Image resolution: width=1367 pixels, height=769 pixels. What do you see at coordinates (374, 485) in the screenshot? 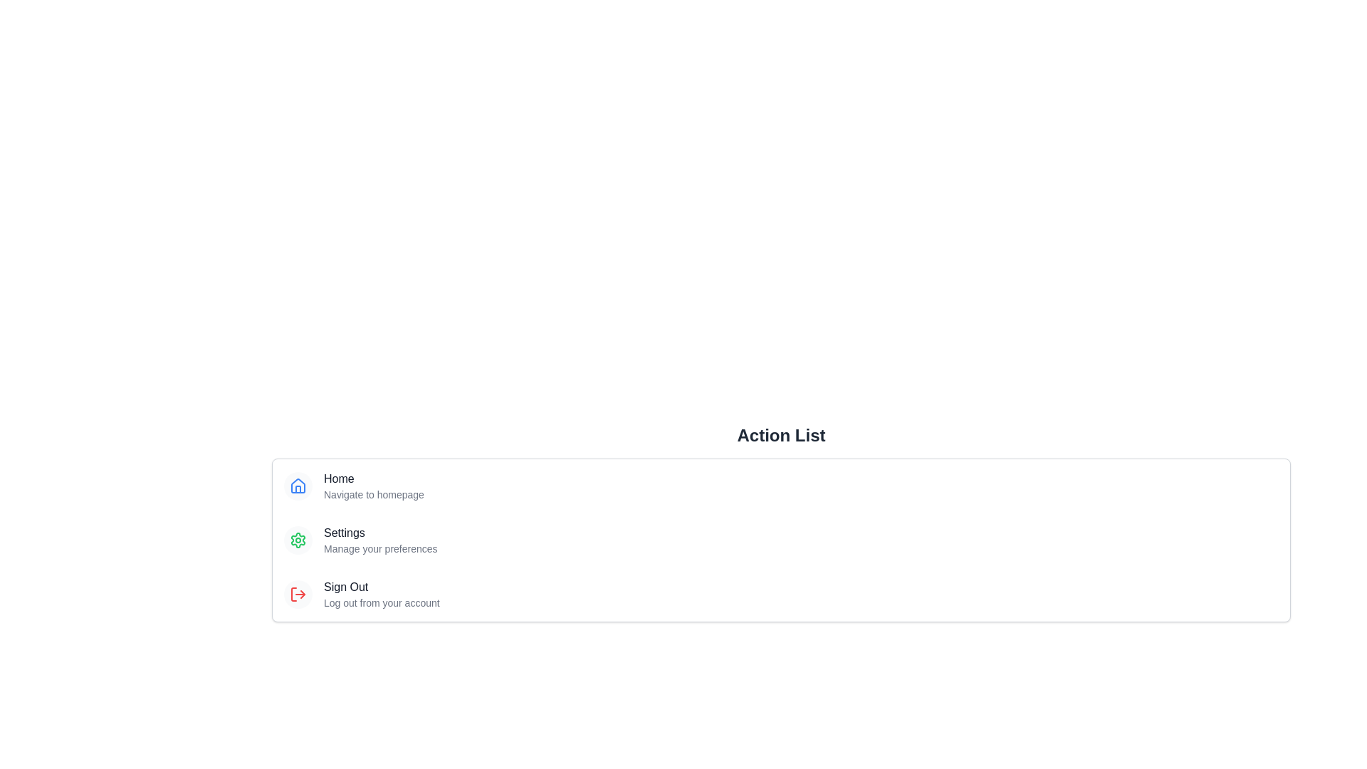
I see `the Text block containing a title and a subtitle that provides information about navigating to the homepage, located under the 'Action List' section and aligned with the blue house icon` at bounding box center [374, 485].